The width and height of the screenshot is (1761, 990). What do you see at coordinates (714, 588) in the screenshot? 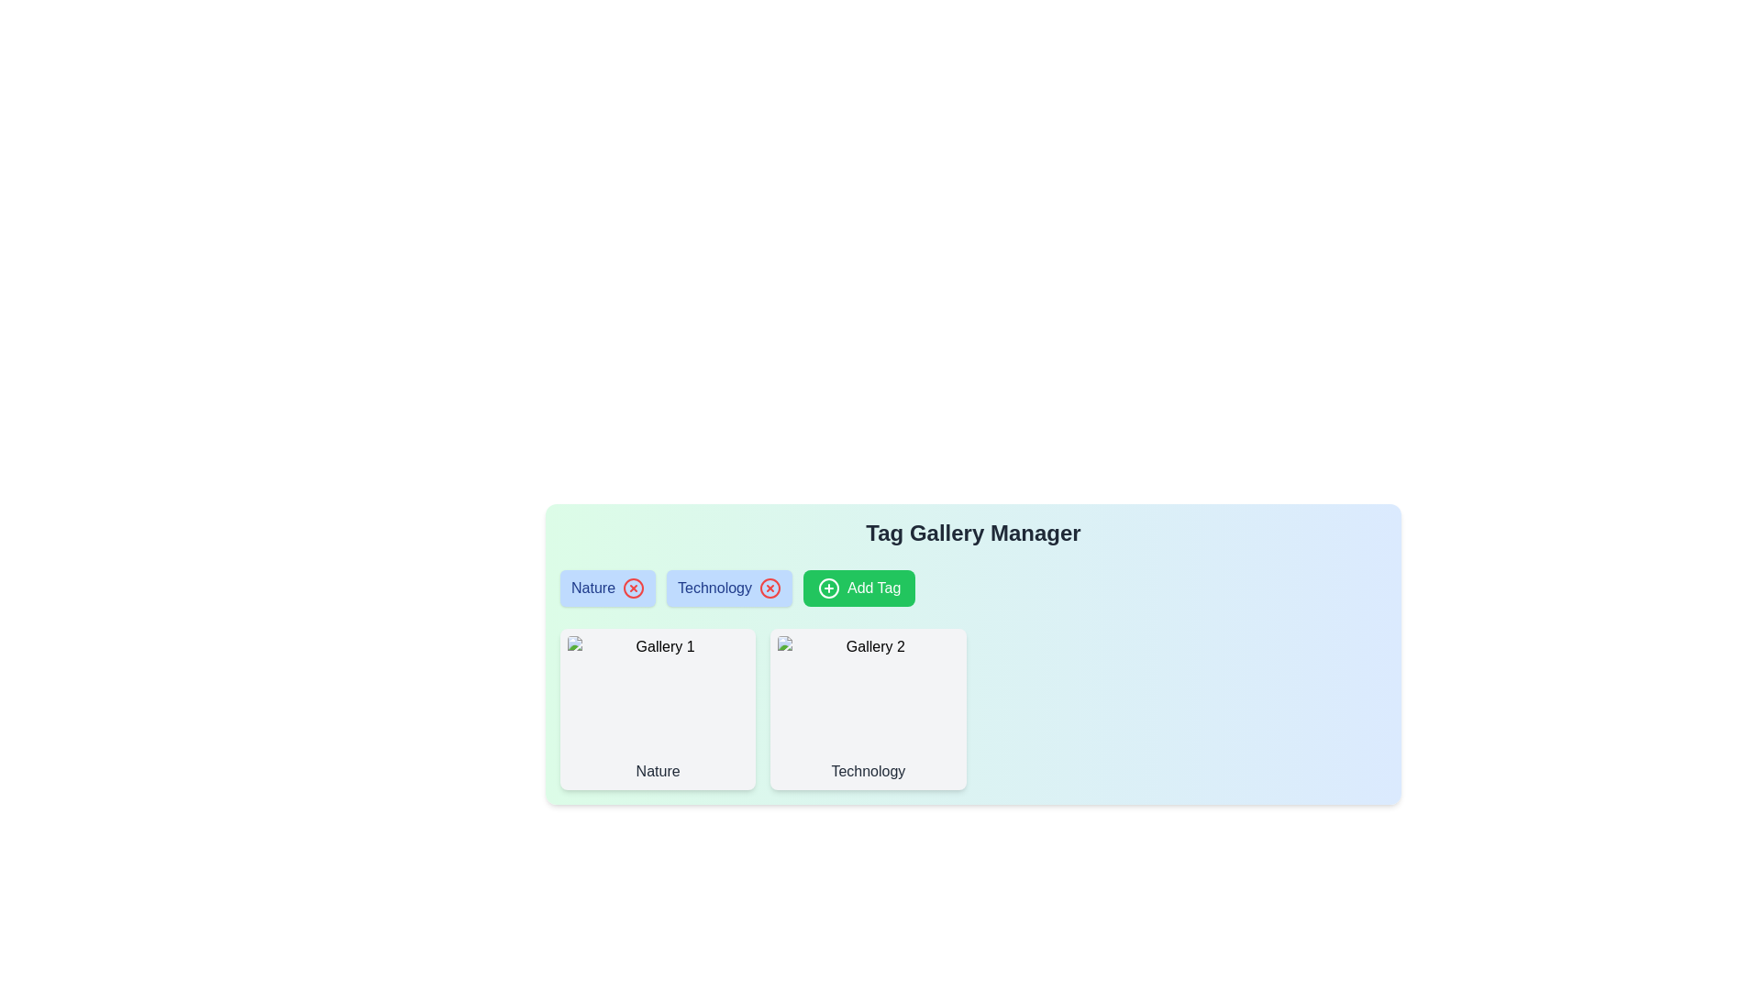
I see `the pill-shaped tag containing the 'Technology' text label to initiate interactions` at bounding box center [714, 588].